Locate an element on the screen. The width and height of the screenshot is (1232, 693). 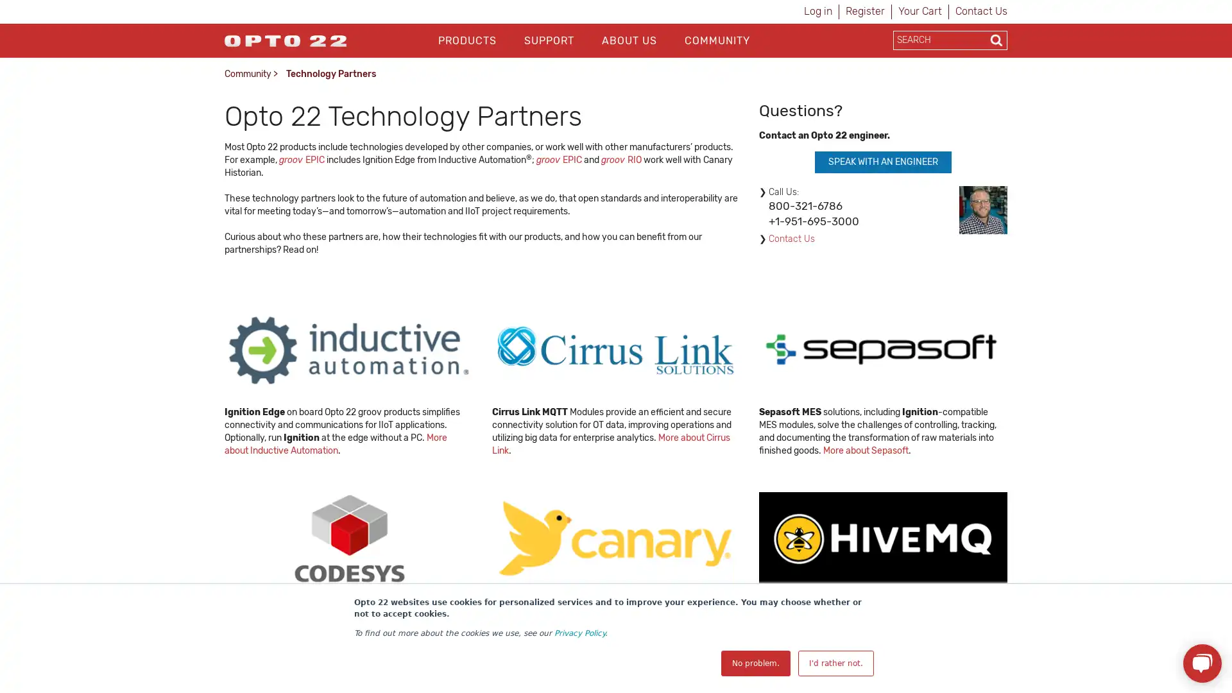
Search is located at coordinates (996, 38).